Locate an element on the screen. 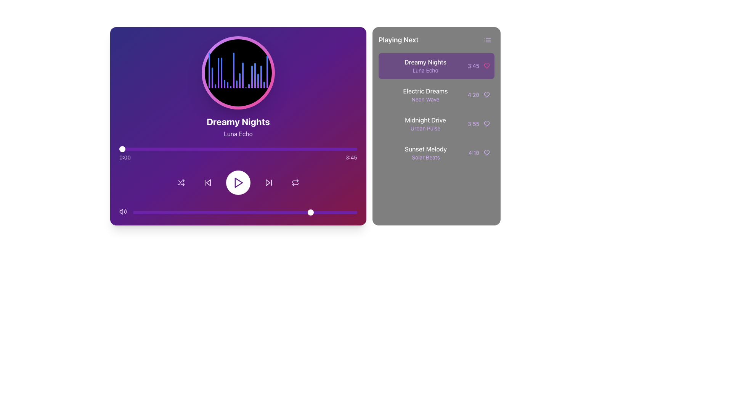 This screenshot has height=412, width=732. the subtitle label directly beneath the 'Electric Dreams' entry in the 'Playing Next' list, located in the right section of the interface is located at coordinates (425, 99).